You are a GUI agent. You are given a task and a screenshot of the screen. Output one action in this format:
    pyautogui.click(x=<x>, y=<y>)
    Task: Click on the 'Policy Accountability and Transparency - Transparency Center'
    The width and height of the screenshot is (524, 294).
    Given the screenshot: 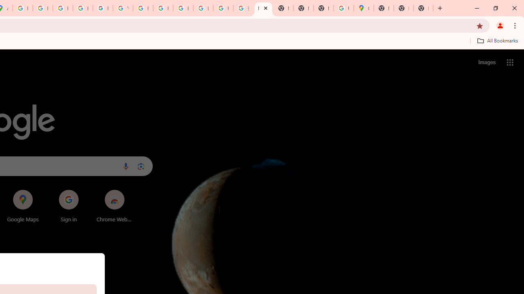 What is the action you would take?
    pyautogui.click(x=23, y=8)
    